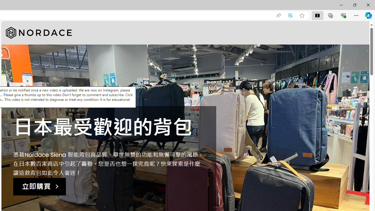 This screenshot has height=211, width=375. Describe the element at coordinates (368, 15) in the screenshot. I see `'Copilot (Ctrl+Shift+.)'` at that location.